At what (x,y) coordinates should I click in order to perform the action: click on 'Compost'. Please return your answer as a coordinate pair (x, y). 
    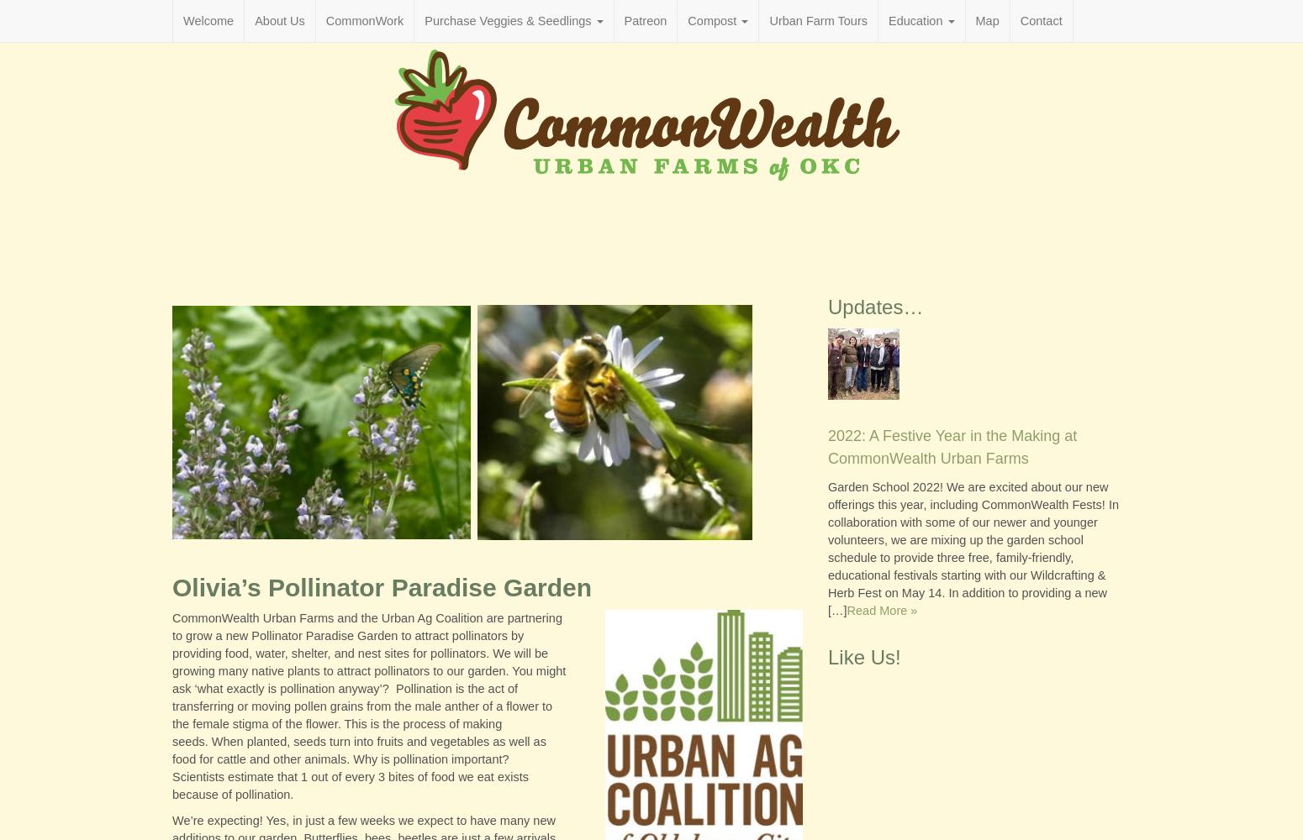
    Looking at the image, I should click on (712, 21).